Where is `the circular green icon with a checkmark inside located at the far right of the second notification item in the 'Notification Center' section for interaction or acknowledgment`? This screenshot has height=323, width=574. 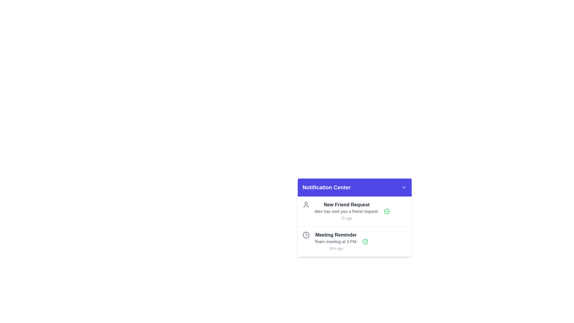 the circular green icon with a checkmark inside located at the far right of the second notification item in the 'Notification Center' section for interaction or acknowledgment is located at coordinates (365, 241).